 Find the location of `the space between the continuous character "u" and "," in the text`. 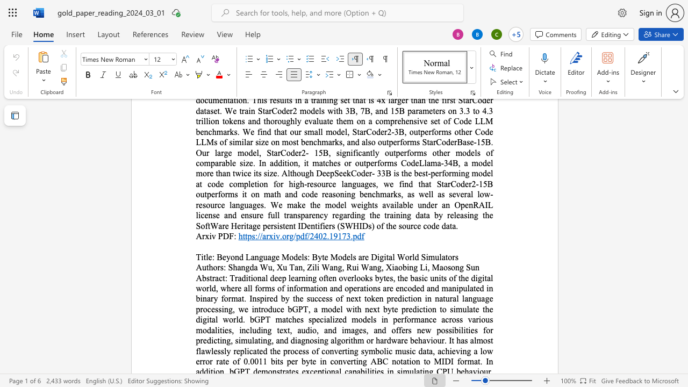

the space between the continuous character "u" and "," in the text is located at coordinates (271, 267).